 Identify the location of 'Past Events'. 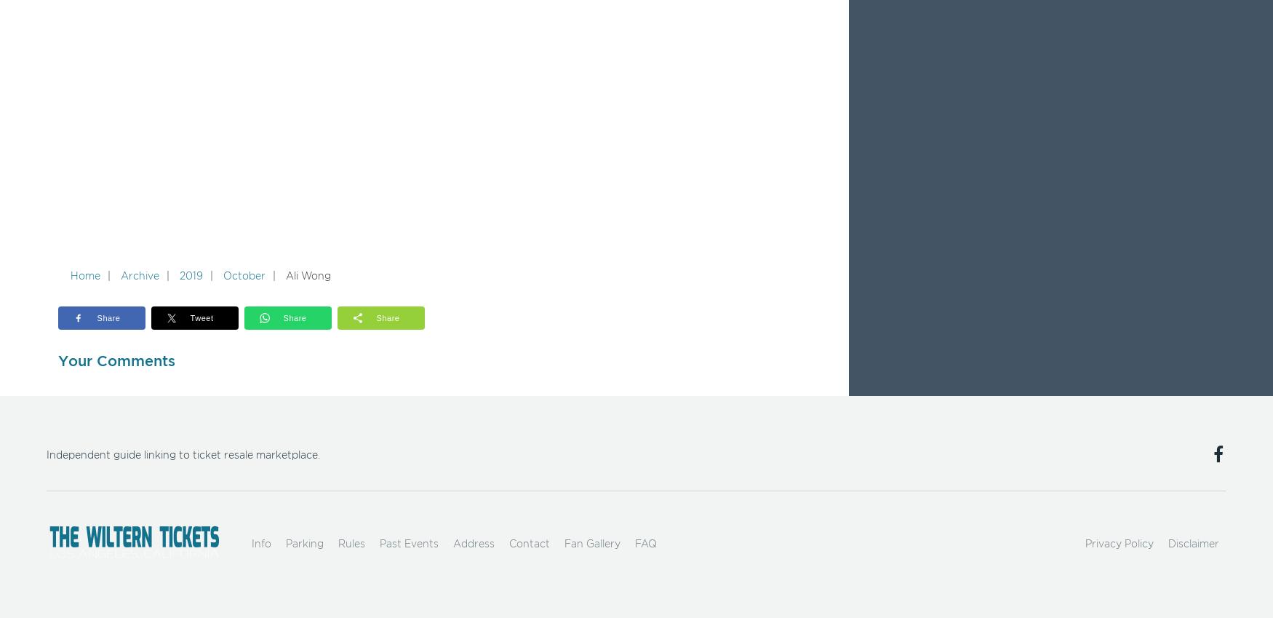
(408, 544).